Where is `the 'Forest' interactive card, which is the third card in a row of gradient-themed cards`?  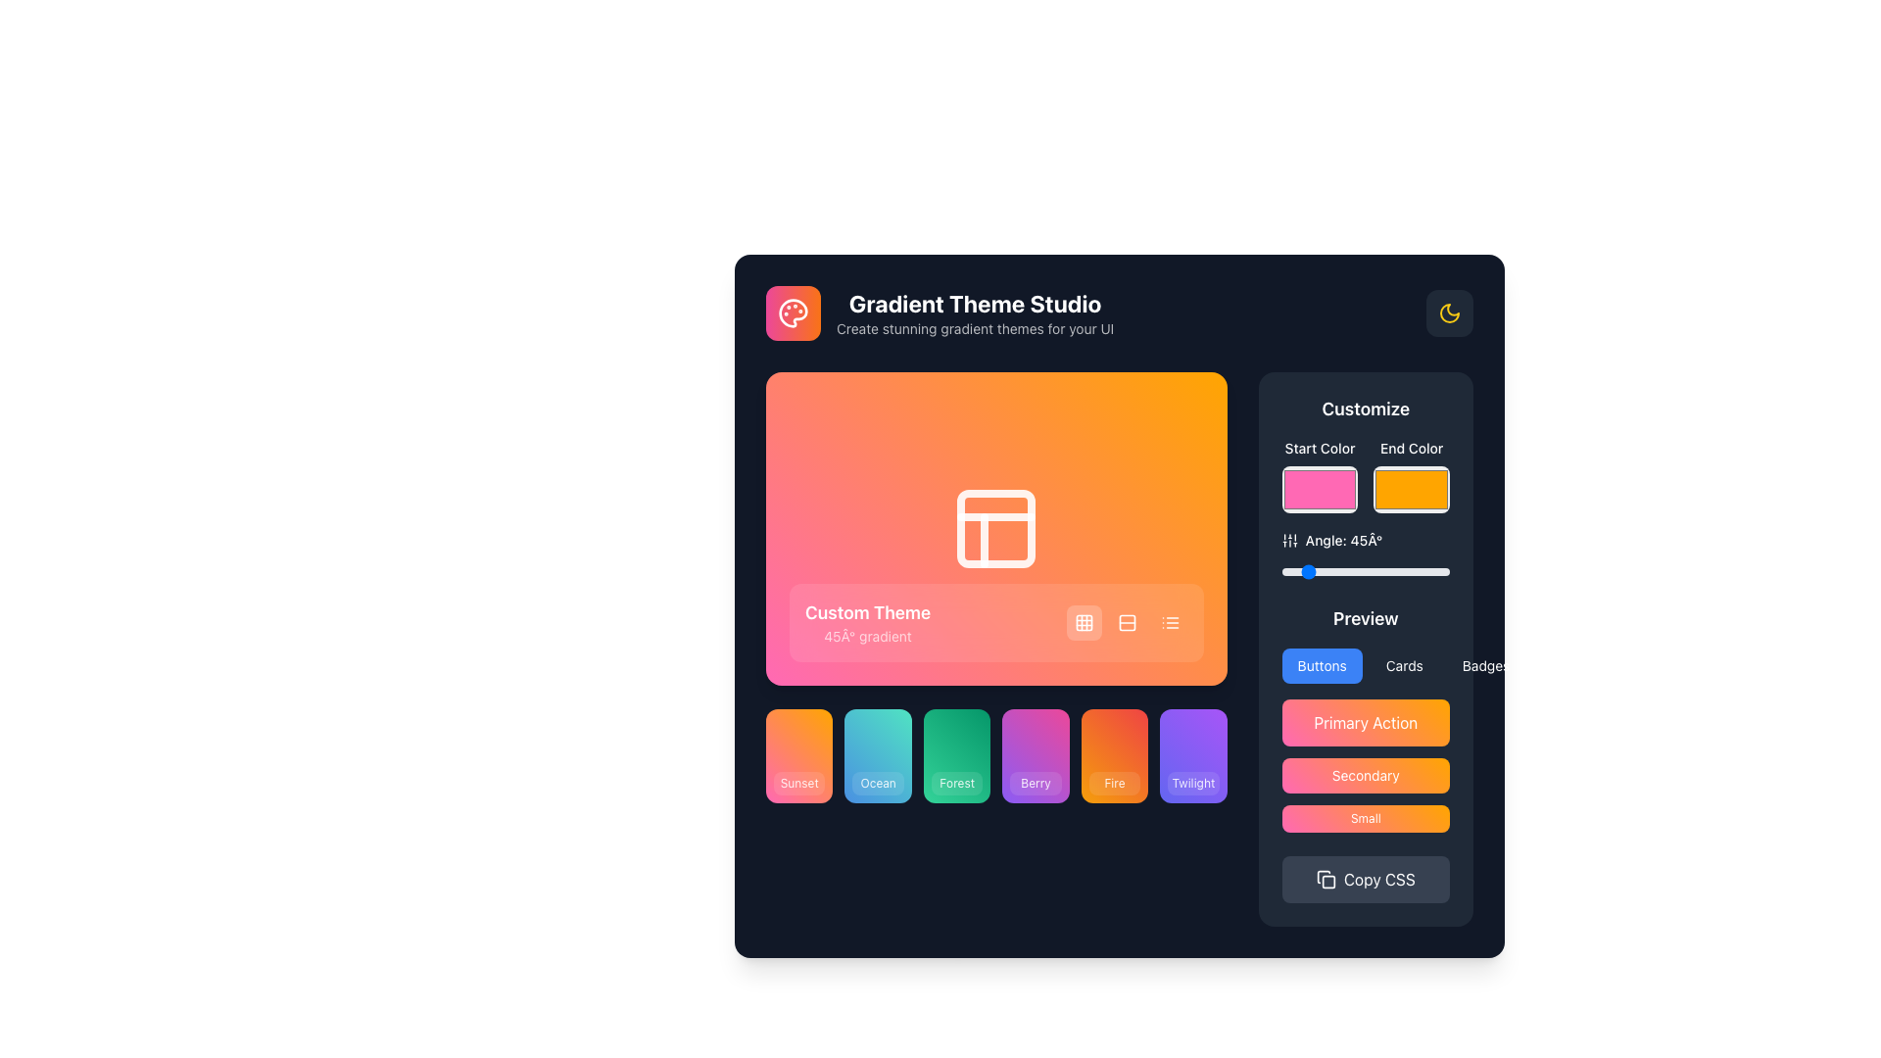
the 'Forest' interactive card, which is the third card in a row of gradient-themed cards is located at coordinates (957, 754).